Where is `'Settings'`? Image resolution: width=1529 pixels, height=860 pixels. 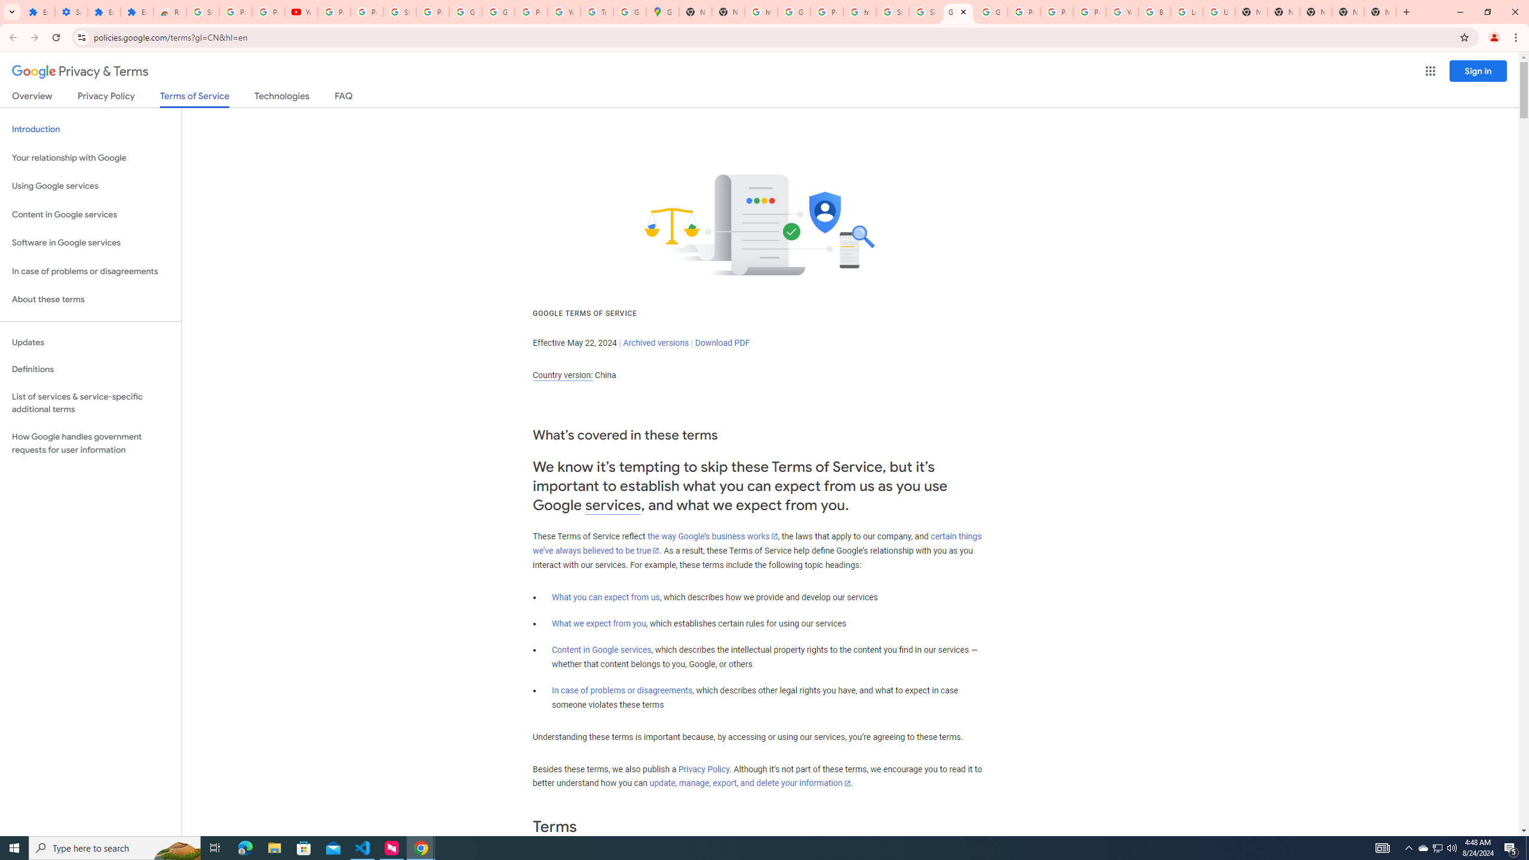 'Settings' is located at coordinates (70, 11).